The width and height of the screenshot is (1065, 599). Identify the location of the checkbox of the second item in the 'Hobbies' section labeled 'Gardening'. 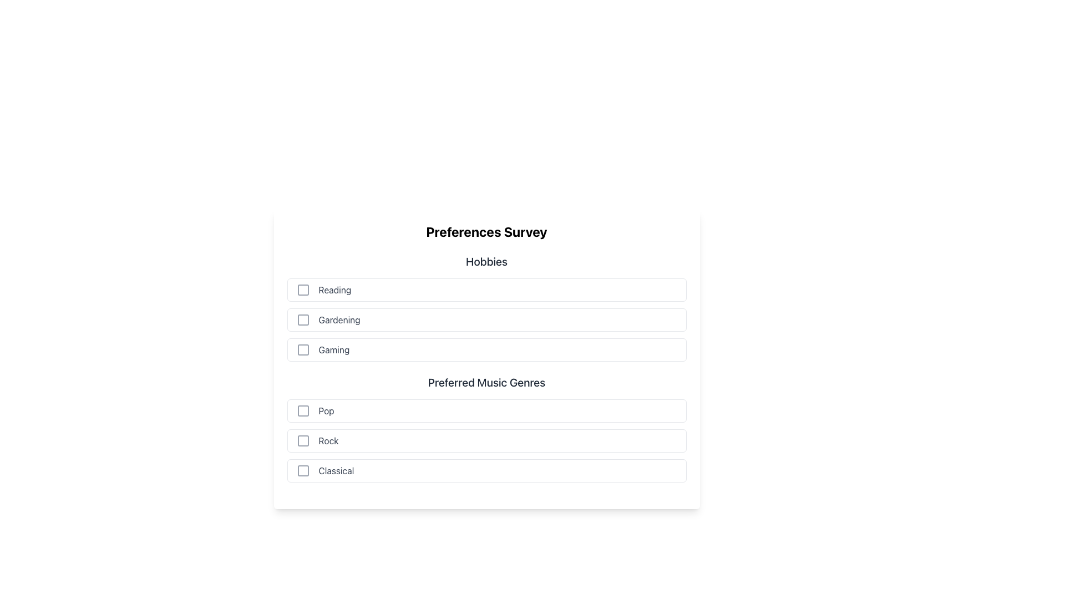
(486, 320).